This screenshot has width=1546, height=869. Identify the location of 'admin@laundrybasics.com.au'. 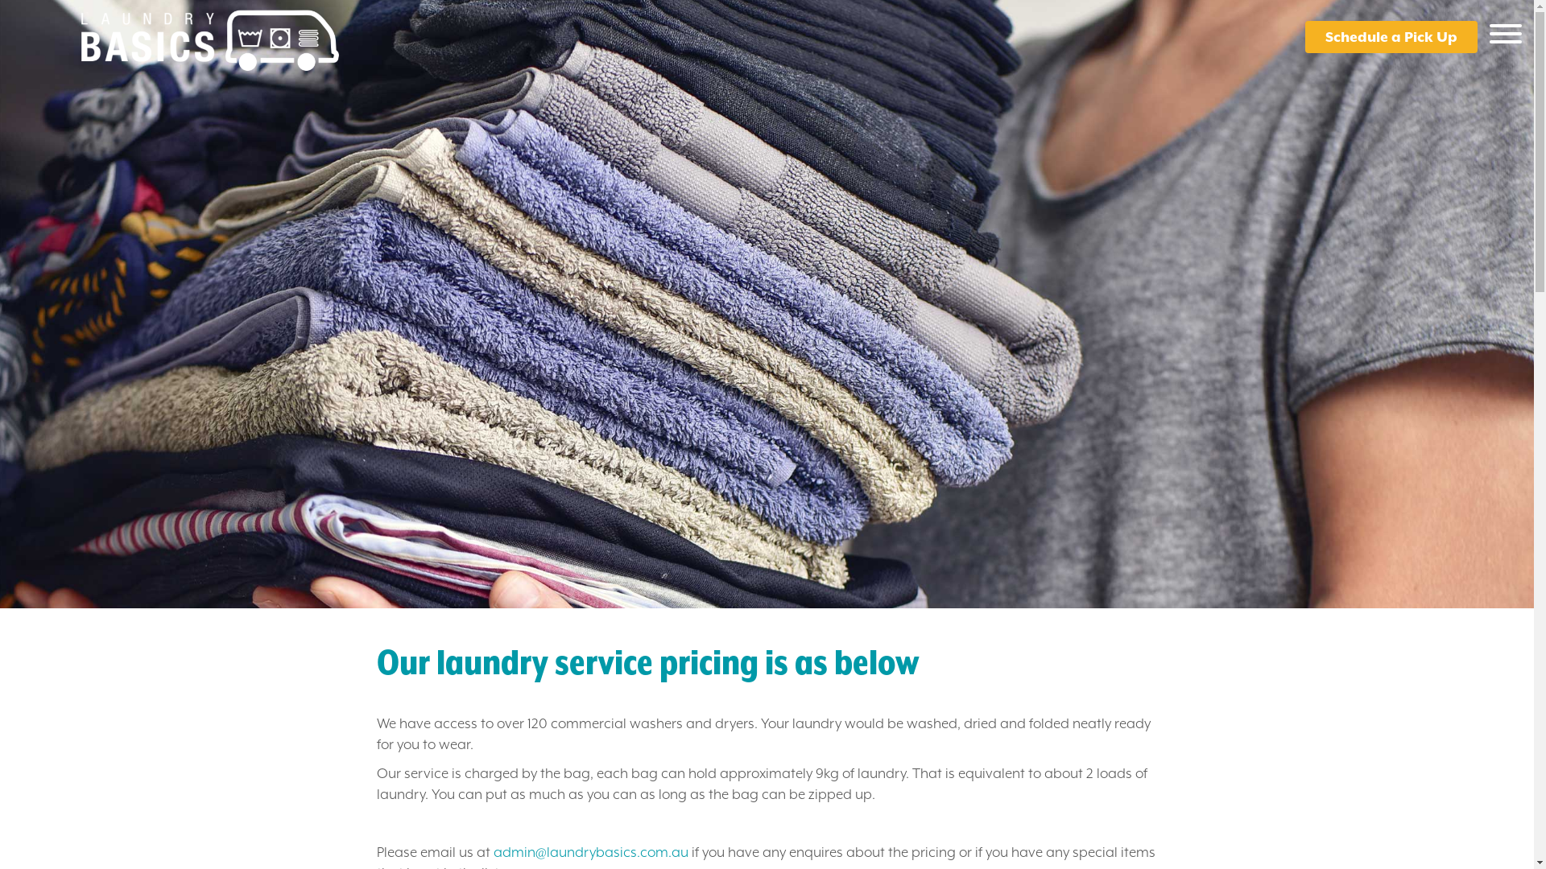
(589, 851).